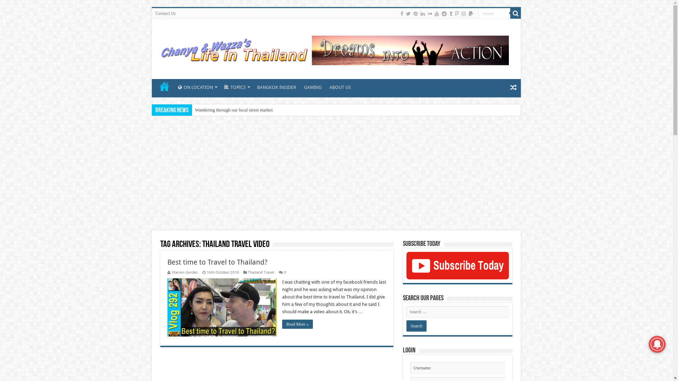 Image resolution: width=678 pixels, height=381 pixels. I want to click on 'Youtube', so click(436, 13).